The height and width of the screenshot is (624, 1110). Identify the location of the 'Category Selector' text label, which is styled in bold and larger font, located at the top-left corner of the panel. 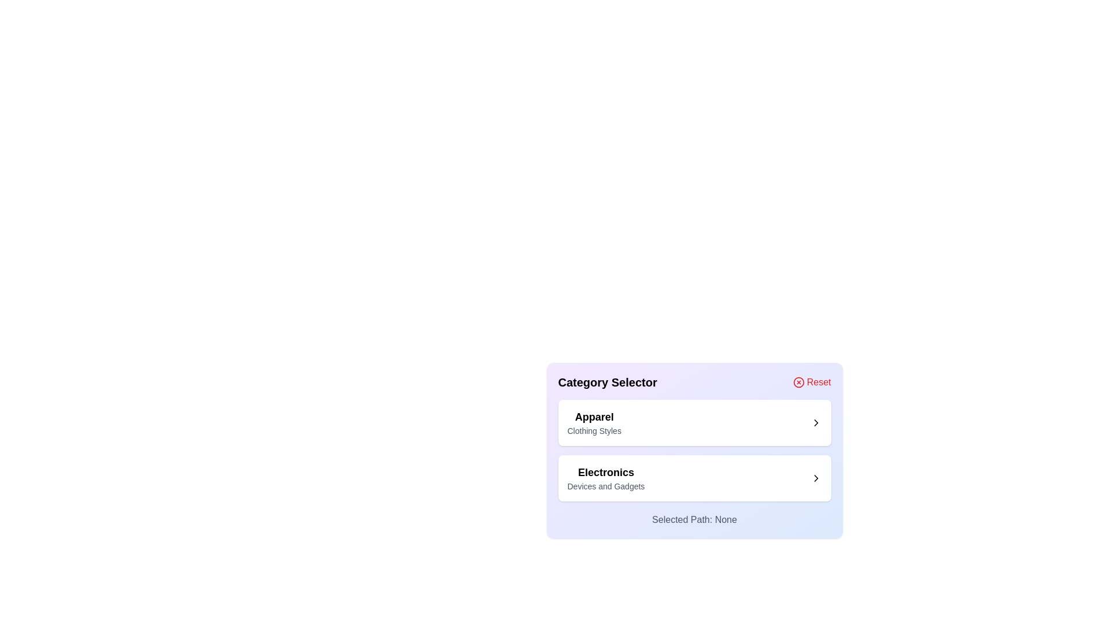
(607, 382).